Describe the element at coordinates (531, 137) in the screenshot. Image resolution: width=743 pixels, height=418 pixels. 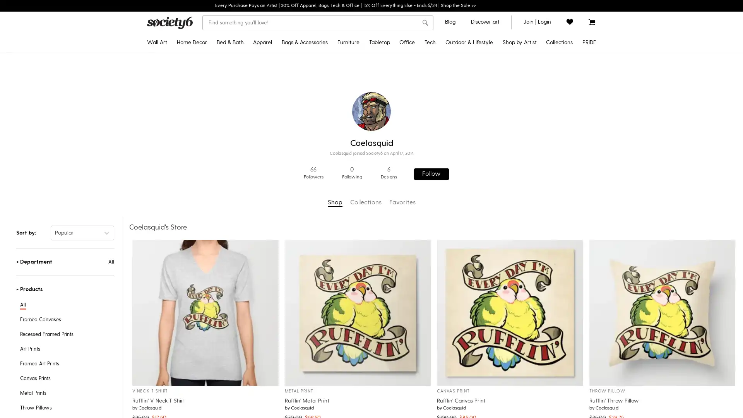
I see `Pantone Color of 2022` at that location.